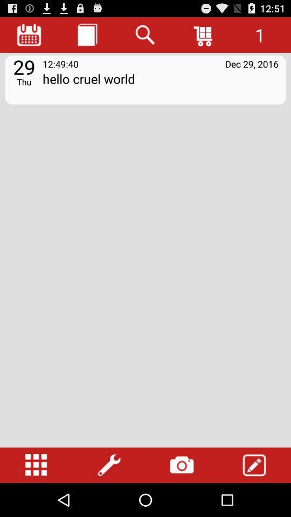 The height and width of the screenshot is (517, 291). Describe the element at coordinates (36, 465) in the screenshot. I see `large icons` at that location.